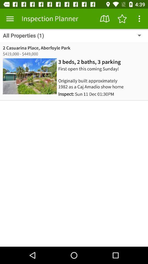 This screenshot has height=264, width=148. I want to click on the item to the right of the inspection planner app, so click(105, 19).